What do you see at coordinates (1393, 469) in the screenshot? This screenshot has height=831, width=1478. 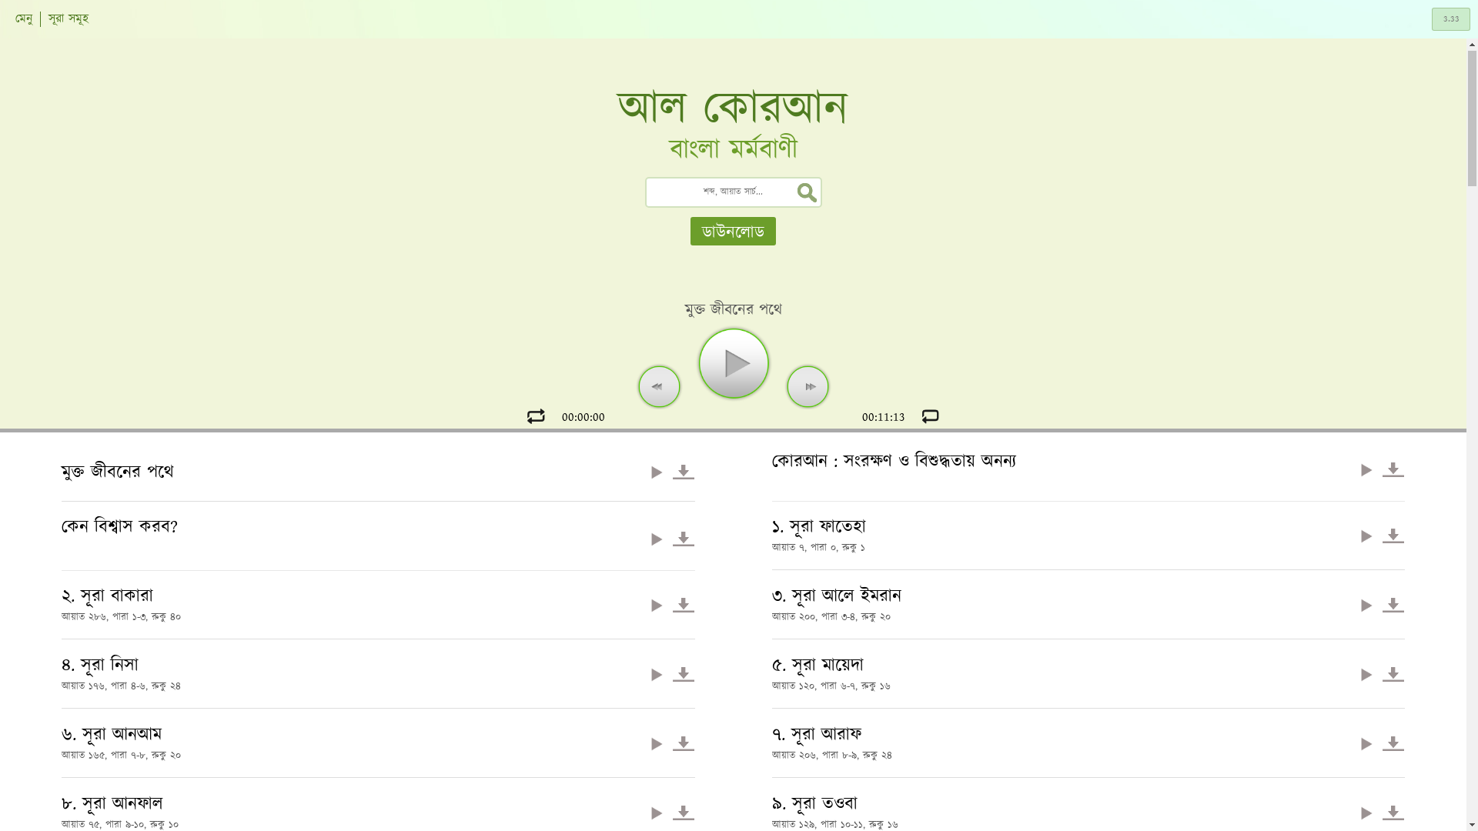 I see `'Download'` at bounding box center [1393, 469].